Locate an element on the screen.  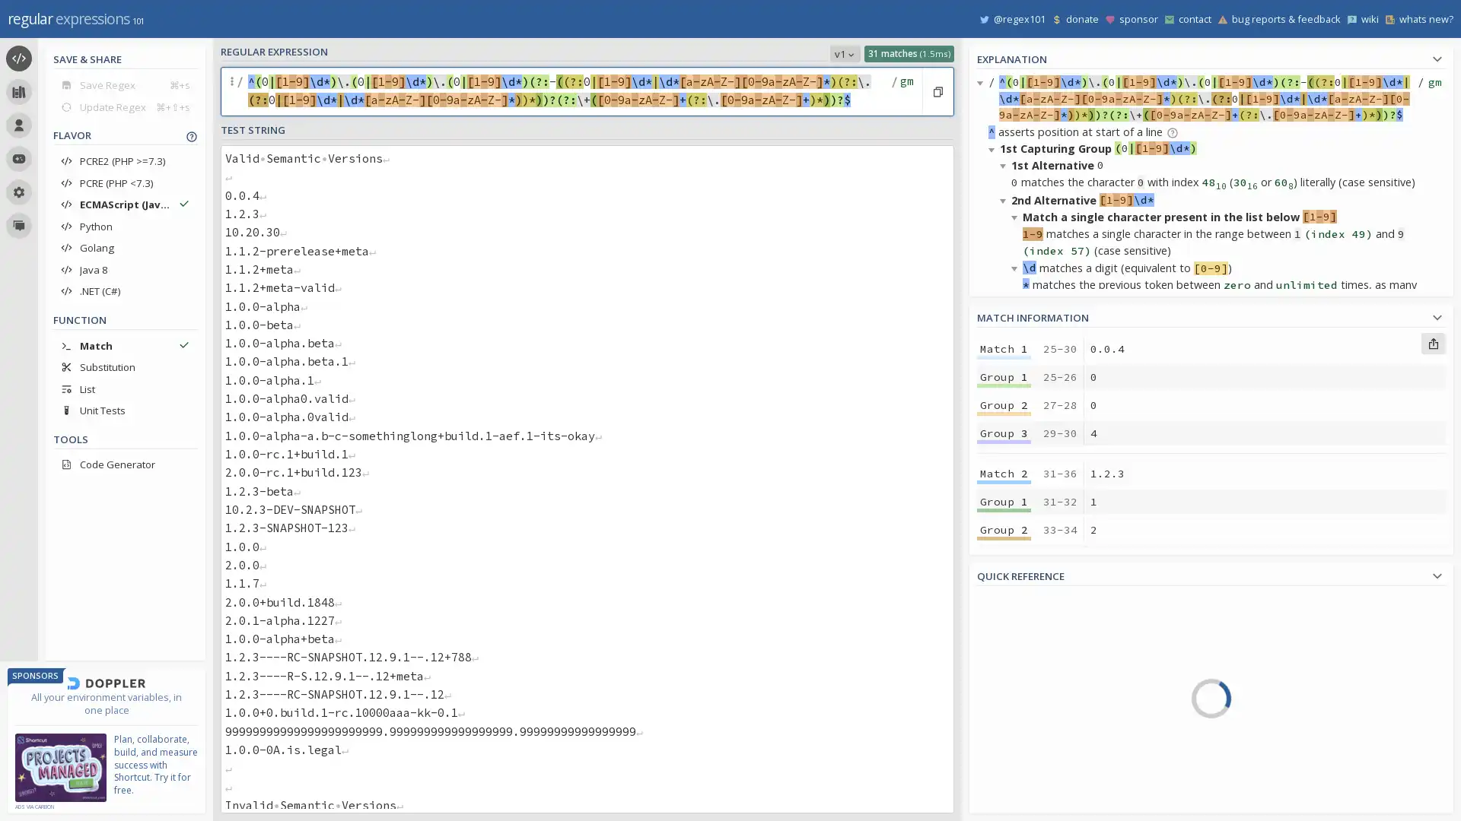
Any single character . is located at coordinates (1287, 710).